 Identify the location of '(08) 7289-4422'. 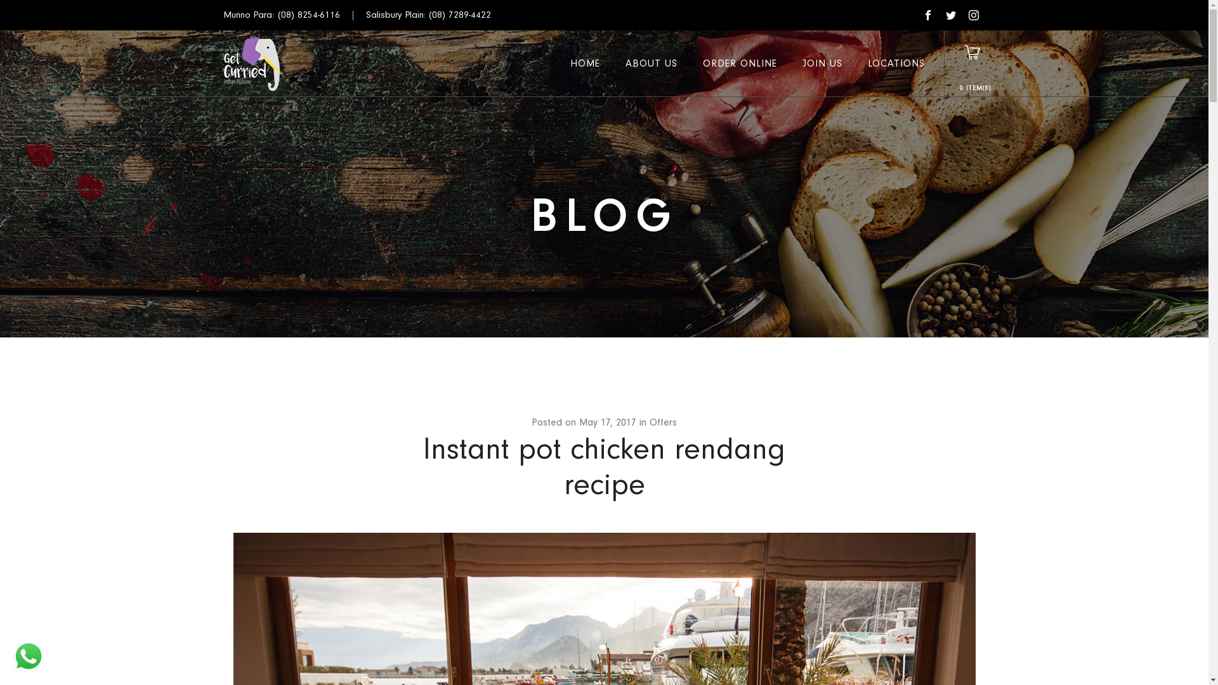
(459, 15).